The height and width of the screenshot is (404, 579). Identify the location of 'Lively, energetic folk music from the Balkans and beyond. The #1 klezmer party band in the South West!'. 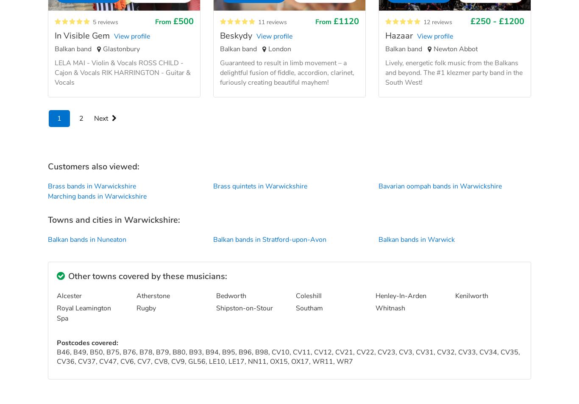
(453, 72).